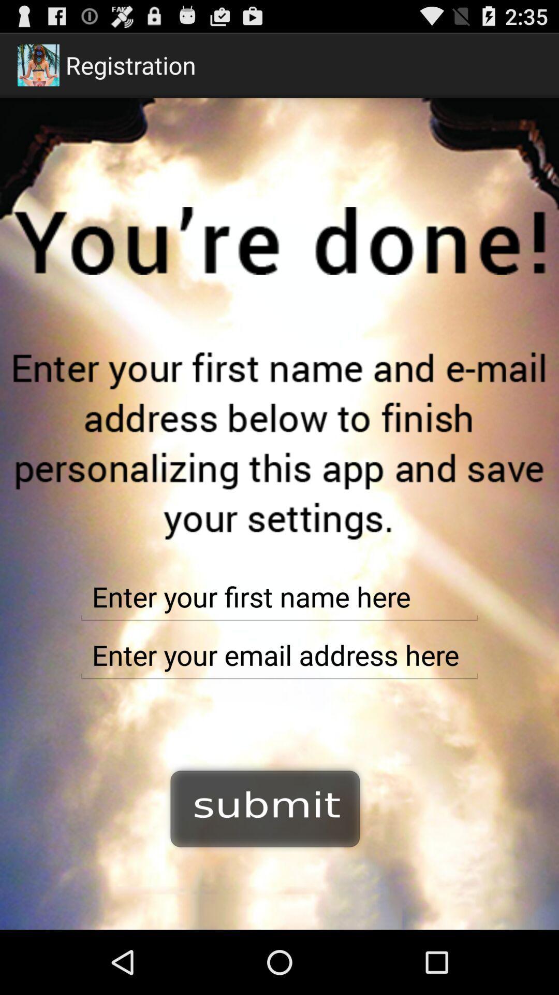 Image resolution: width=559 pixels, height=995 pixels. Describe the element at coordinates (265, 807) in the screenshot. I see `option` at that location.